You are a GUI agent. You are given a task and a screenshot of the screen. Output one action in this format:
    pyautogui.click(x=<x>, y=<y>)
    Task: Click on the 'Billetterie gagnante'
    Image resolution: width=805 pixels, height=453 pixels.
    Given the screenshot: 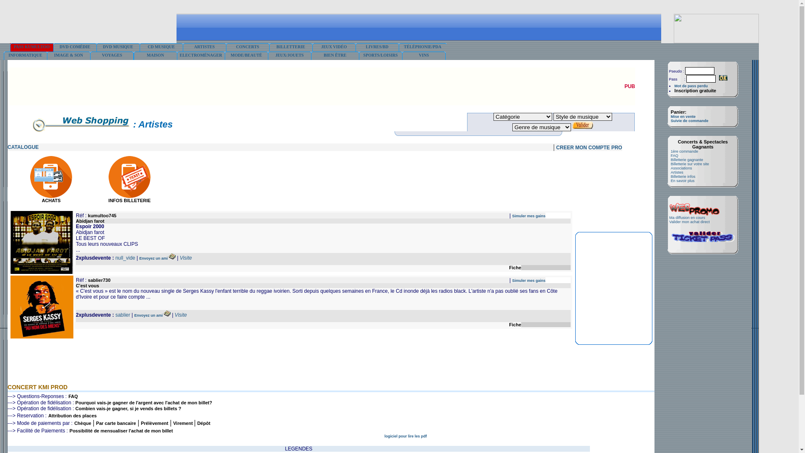 What is the action you would take?
    pyautogui.click(x=687, y=160)
    